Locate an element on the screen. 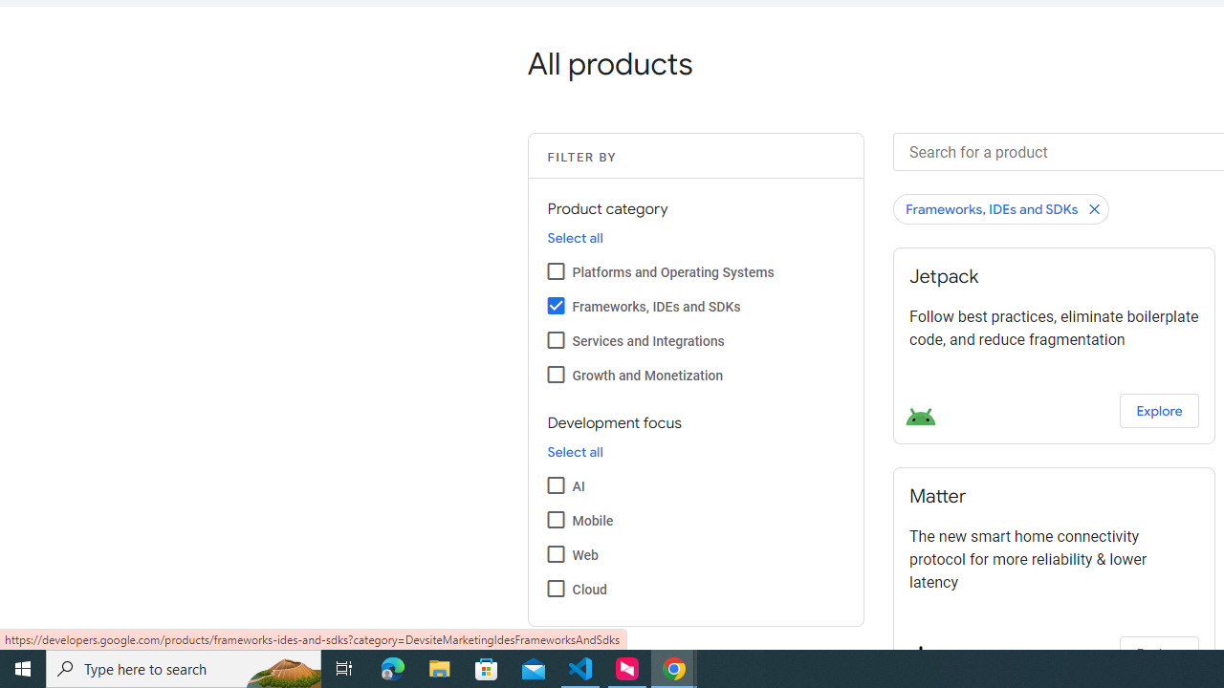 This screenshot has height=688, width=1224. 'Web' is located at coordinates (555, 553).